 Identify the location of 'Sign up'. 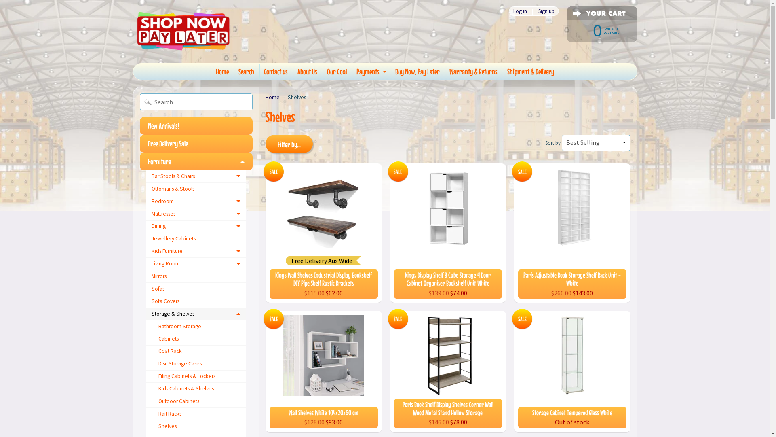
(546, 11).